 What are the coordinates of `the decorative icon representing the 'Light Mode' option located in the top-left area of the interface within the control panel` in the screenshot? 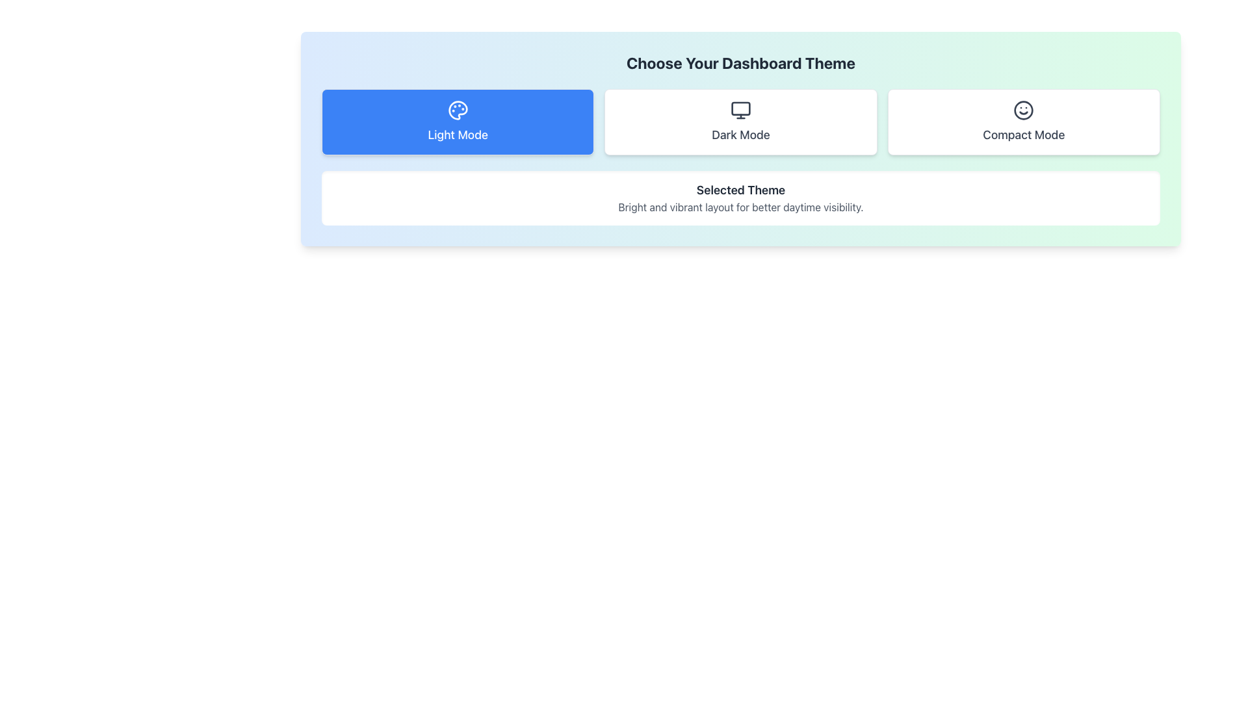 It's located at (458, 109).